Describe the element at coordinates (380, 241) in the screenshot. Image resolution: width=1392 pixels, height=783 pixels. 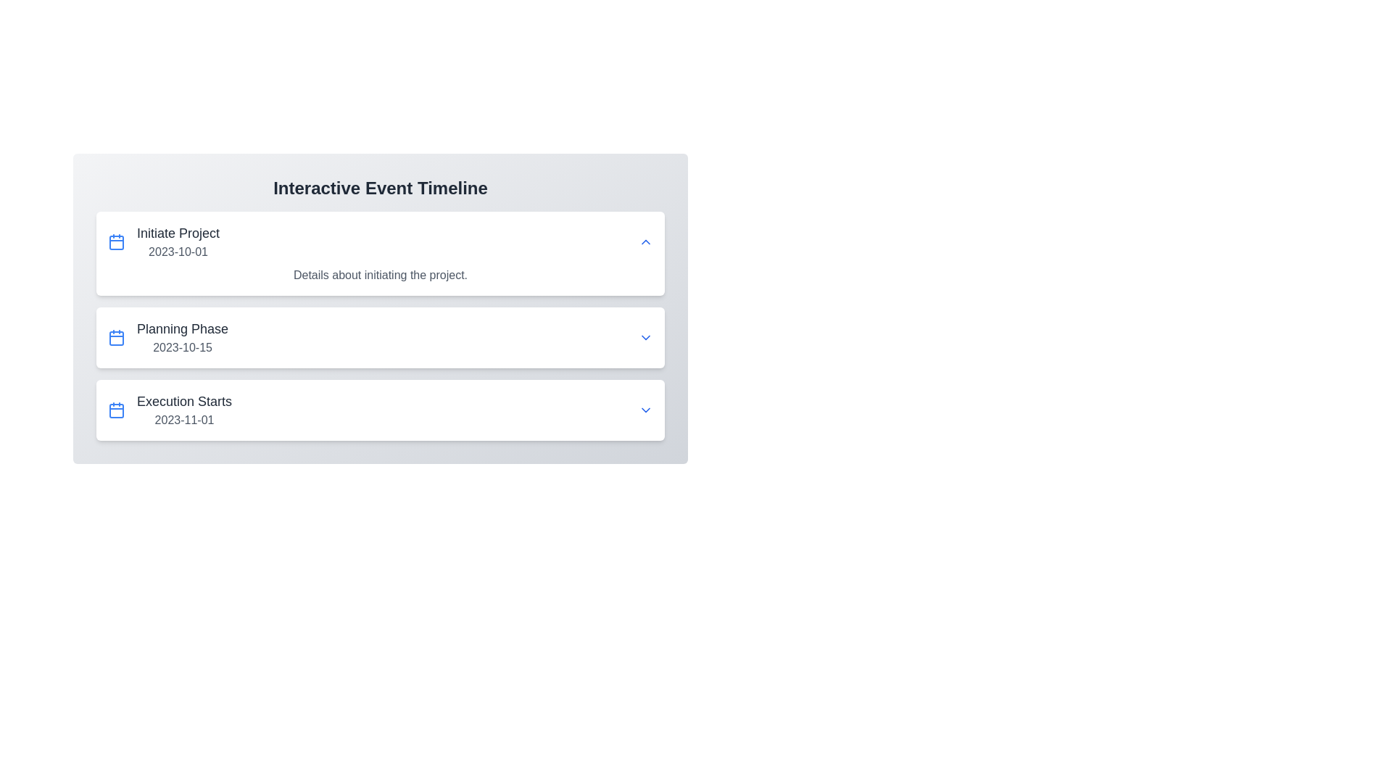
I see `the expand arrow on the first item in the interactive timeline, which displays event information for 'Initiate Project' dated '2023-10-01'` at that location.